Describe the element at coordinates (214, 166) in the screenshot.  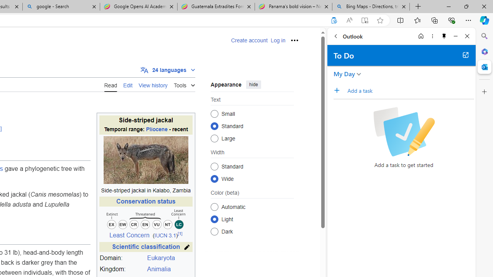
I see `'Standard'` at that location.